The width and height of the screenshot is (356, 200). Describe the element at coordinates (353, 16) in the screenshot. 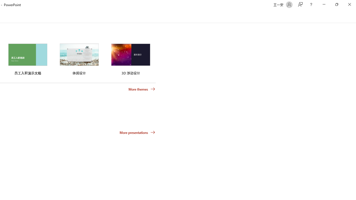

I see `'Class: NetUIScrollBar'` at that location.